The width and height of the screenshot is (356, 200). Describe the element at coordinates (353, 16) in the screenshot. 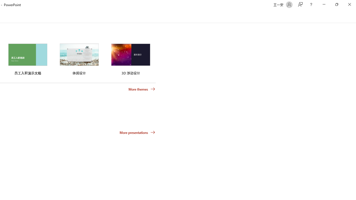

I see `'Class: NetUIScrollBar'` at that location.